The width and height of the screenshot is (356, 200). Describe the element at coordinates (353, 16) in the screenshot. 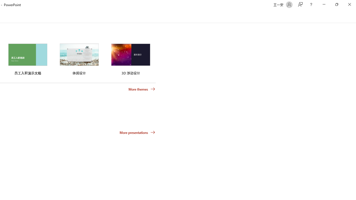

I see `'Class: NetUIScrollBar'` at that location.